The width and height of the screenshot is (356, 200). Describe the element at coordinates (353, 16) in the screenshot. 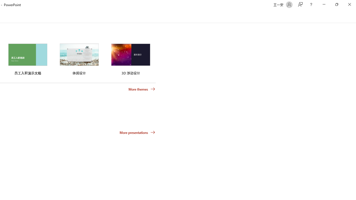

I see `'Class: NetUIScrollBar'` at that location.